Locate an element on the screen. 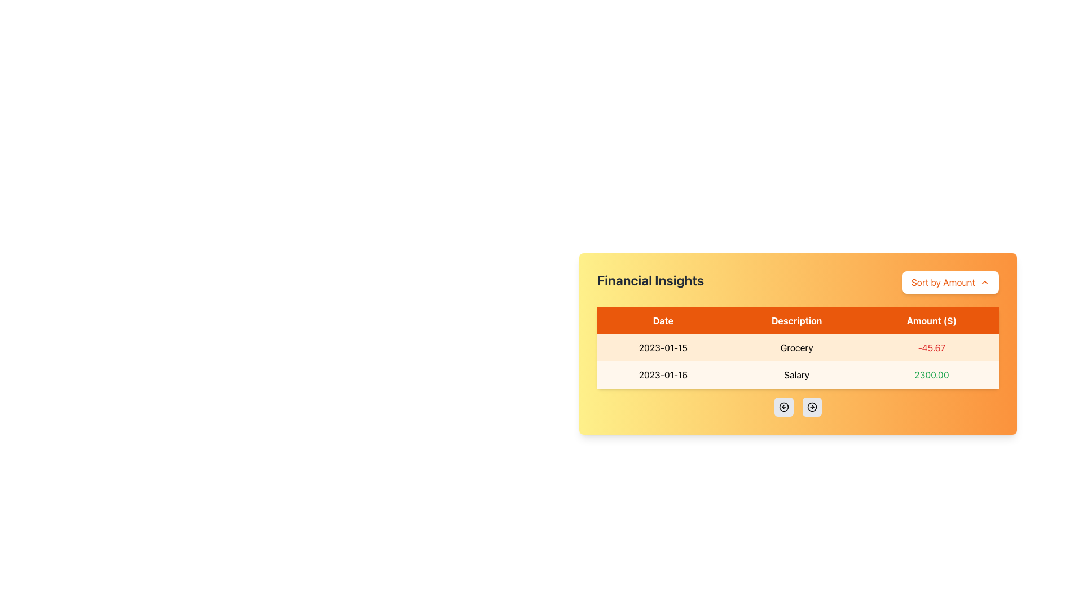 This screenshot has height=609, width=1083. text label displaying 'Grocery' in the first row of the table under the 'Description' column, located between '2023-01-15' and '-45.67' is located at coordinates (798, 347).